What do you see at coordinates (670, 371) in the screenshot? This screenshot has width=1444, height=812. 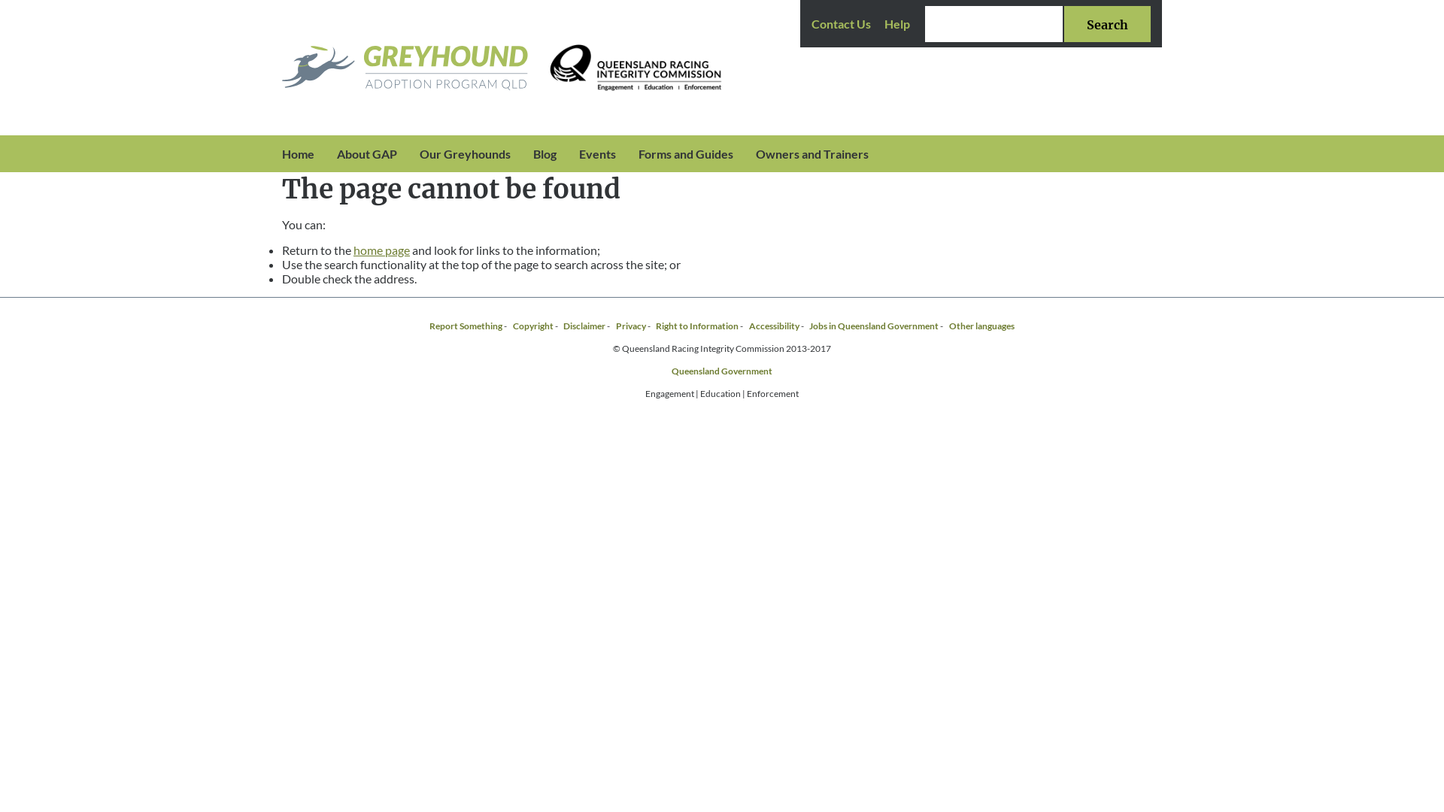 I see `'Queensland Government'` at bounding box center [670, 371].